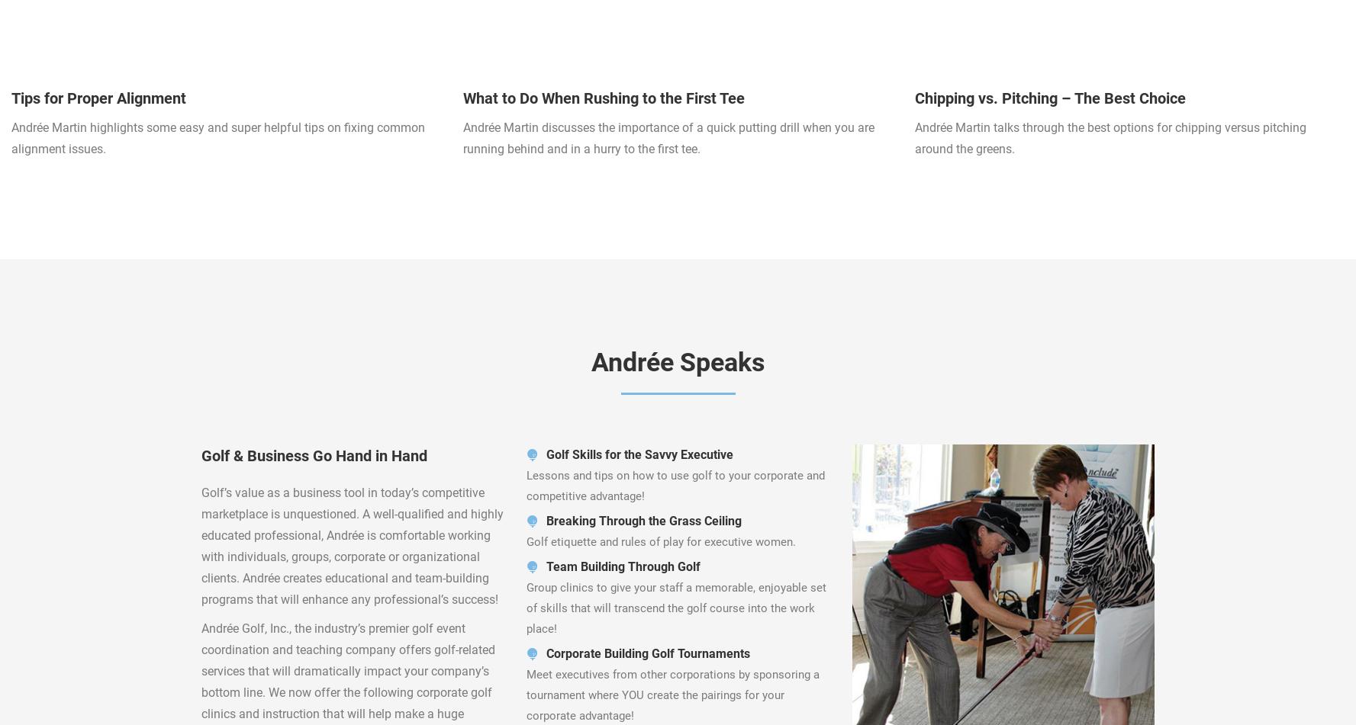 Image resolution: width=1356 pixels, height=725 pixels. Describe the element at coordinates (647, 653) in the screenshot. I see `'Corporate Building Golf Tournaments'` at that location.